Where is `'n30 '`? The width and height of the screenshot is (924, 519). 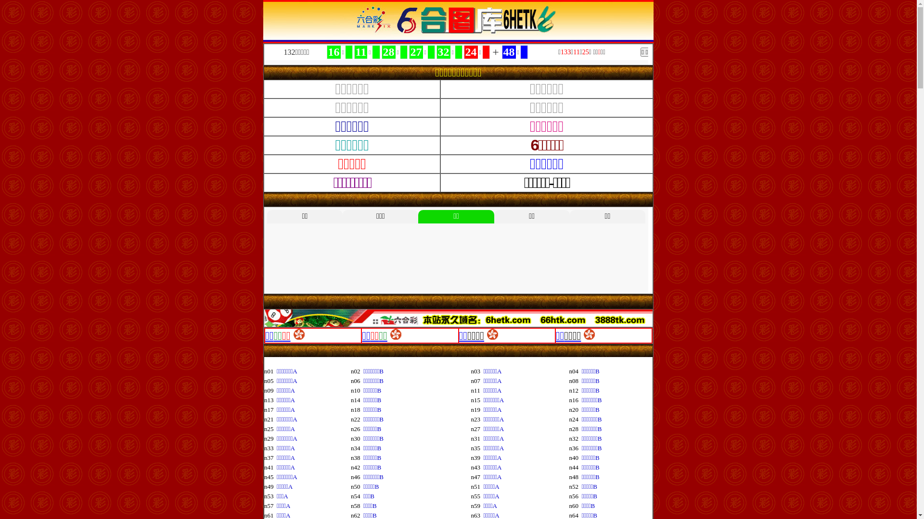
'n30 ' is located at coordinates (357, 438).